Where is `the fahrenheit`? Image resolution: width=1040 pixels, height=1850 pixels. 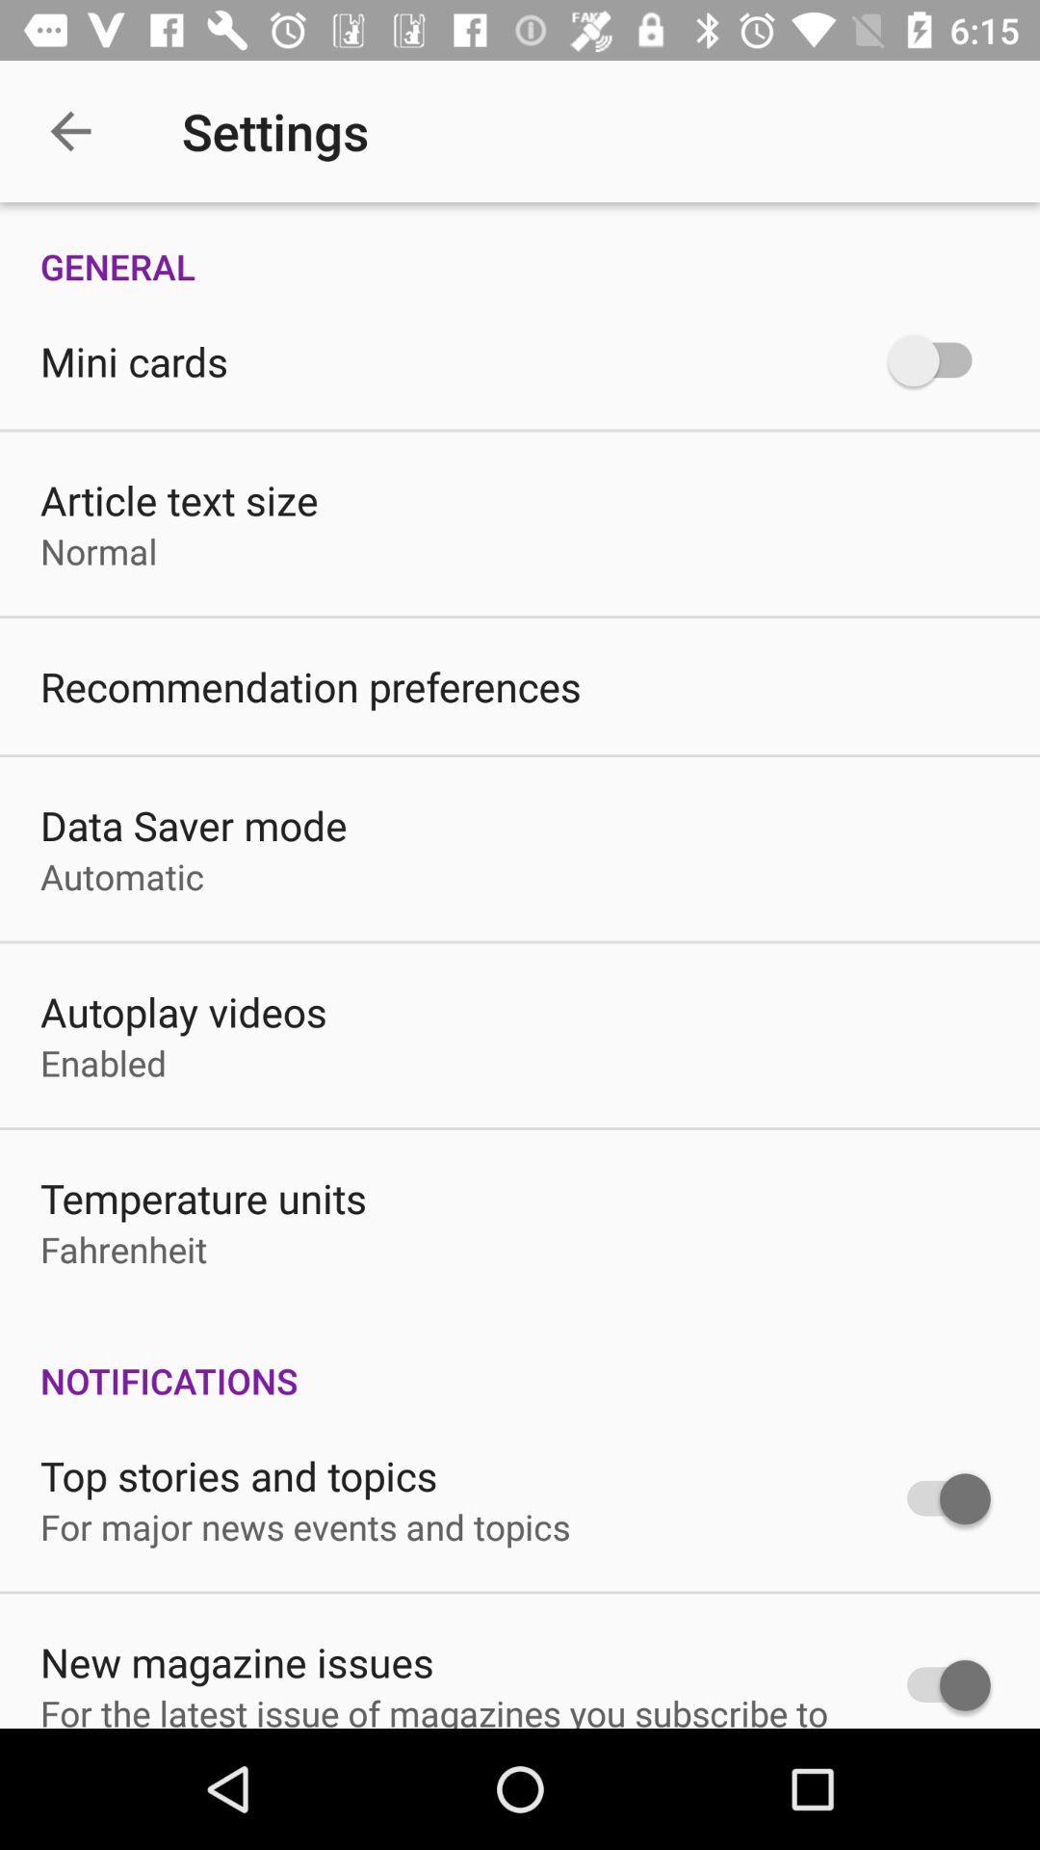 the fahrenheit is located at coordinates (123, 1249).